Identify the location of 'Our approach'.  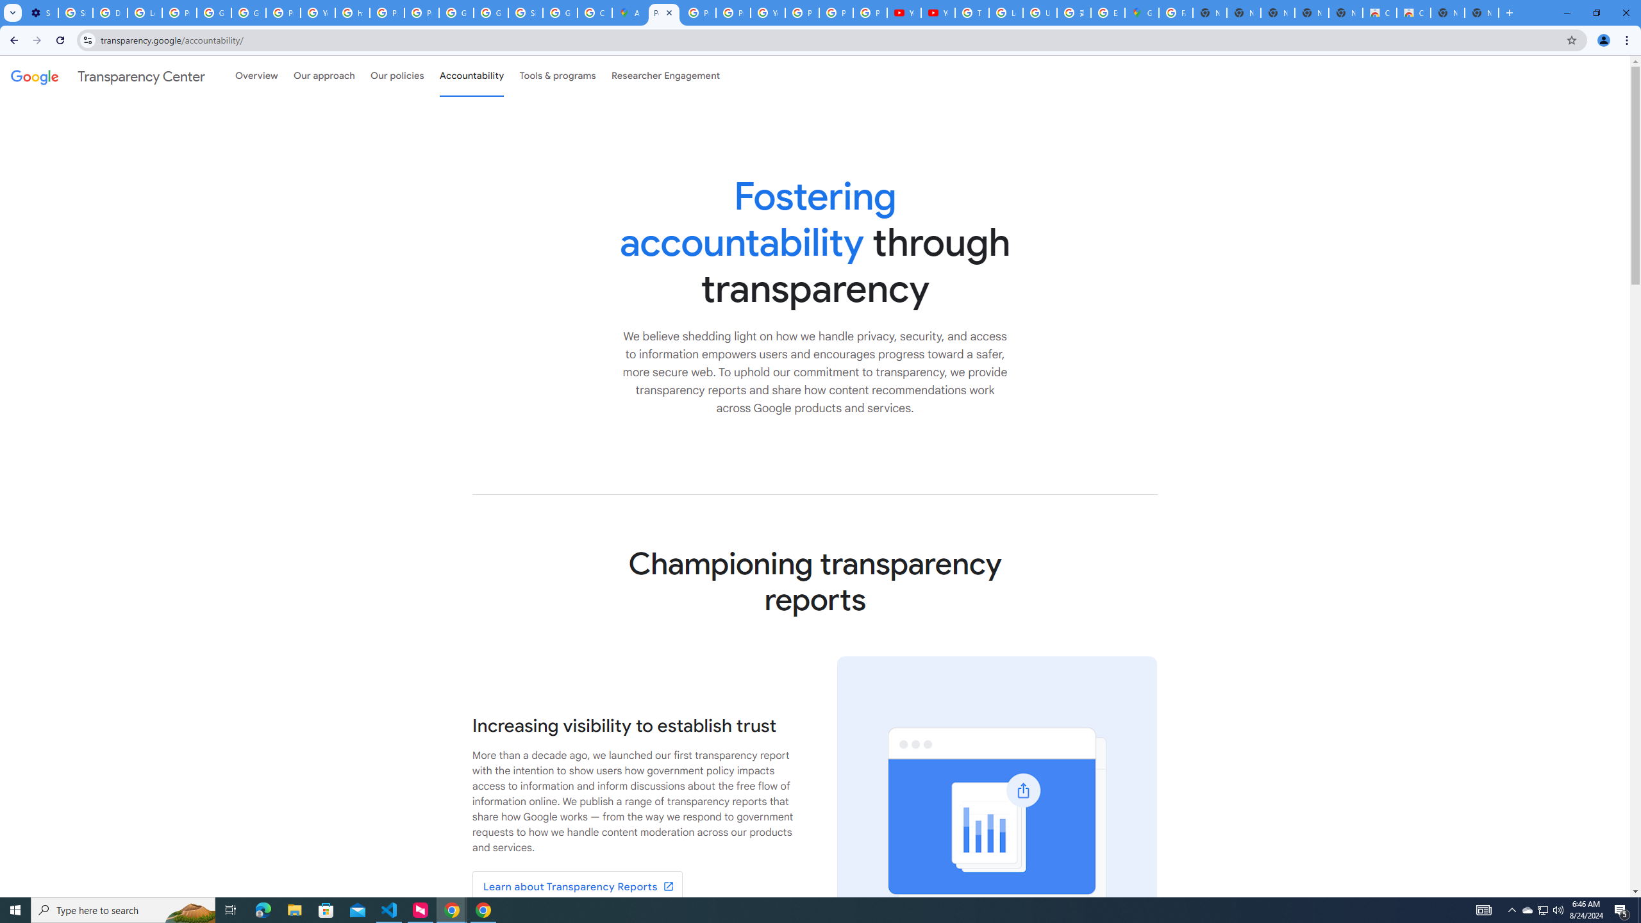
(324, 76).